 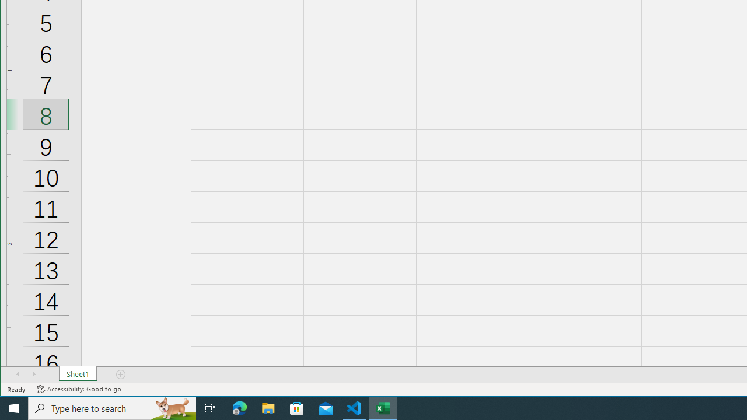 What do you see at coordinates (354, 407) in the screenshot?
I see `'Visual Studio Code - 1 running window'` at bounding box center [354, 407].